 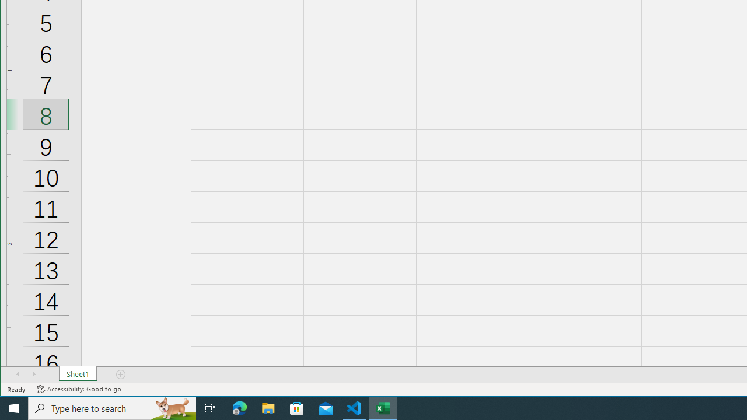 What do you see at coordinates (354, 407) in the screenshot?
I see `'Visual Studio Code - 1 running window'` at bounding box center [354, 407].